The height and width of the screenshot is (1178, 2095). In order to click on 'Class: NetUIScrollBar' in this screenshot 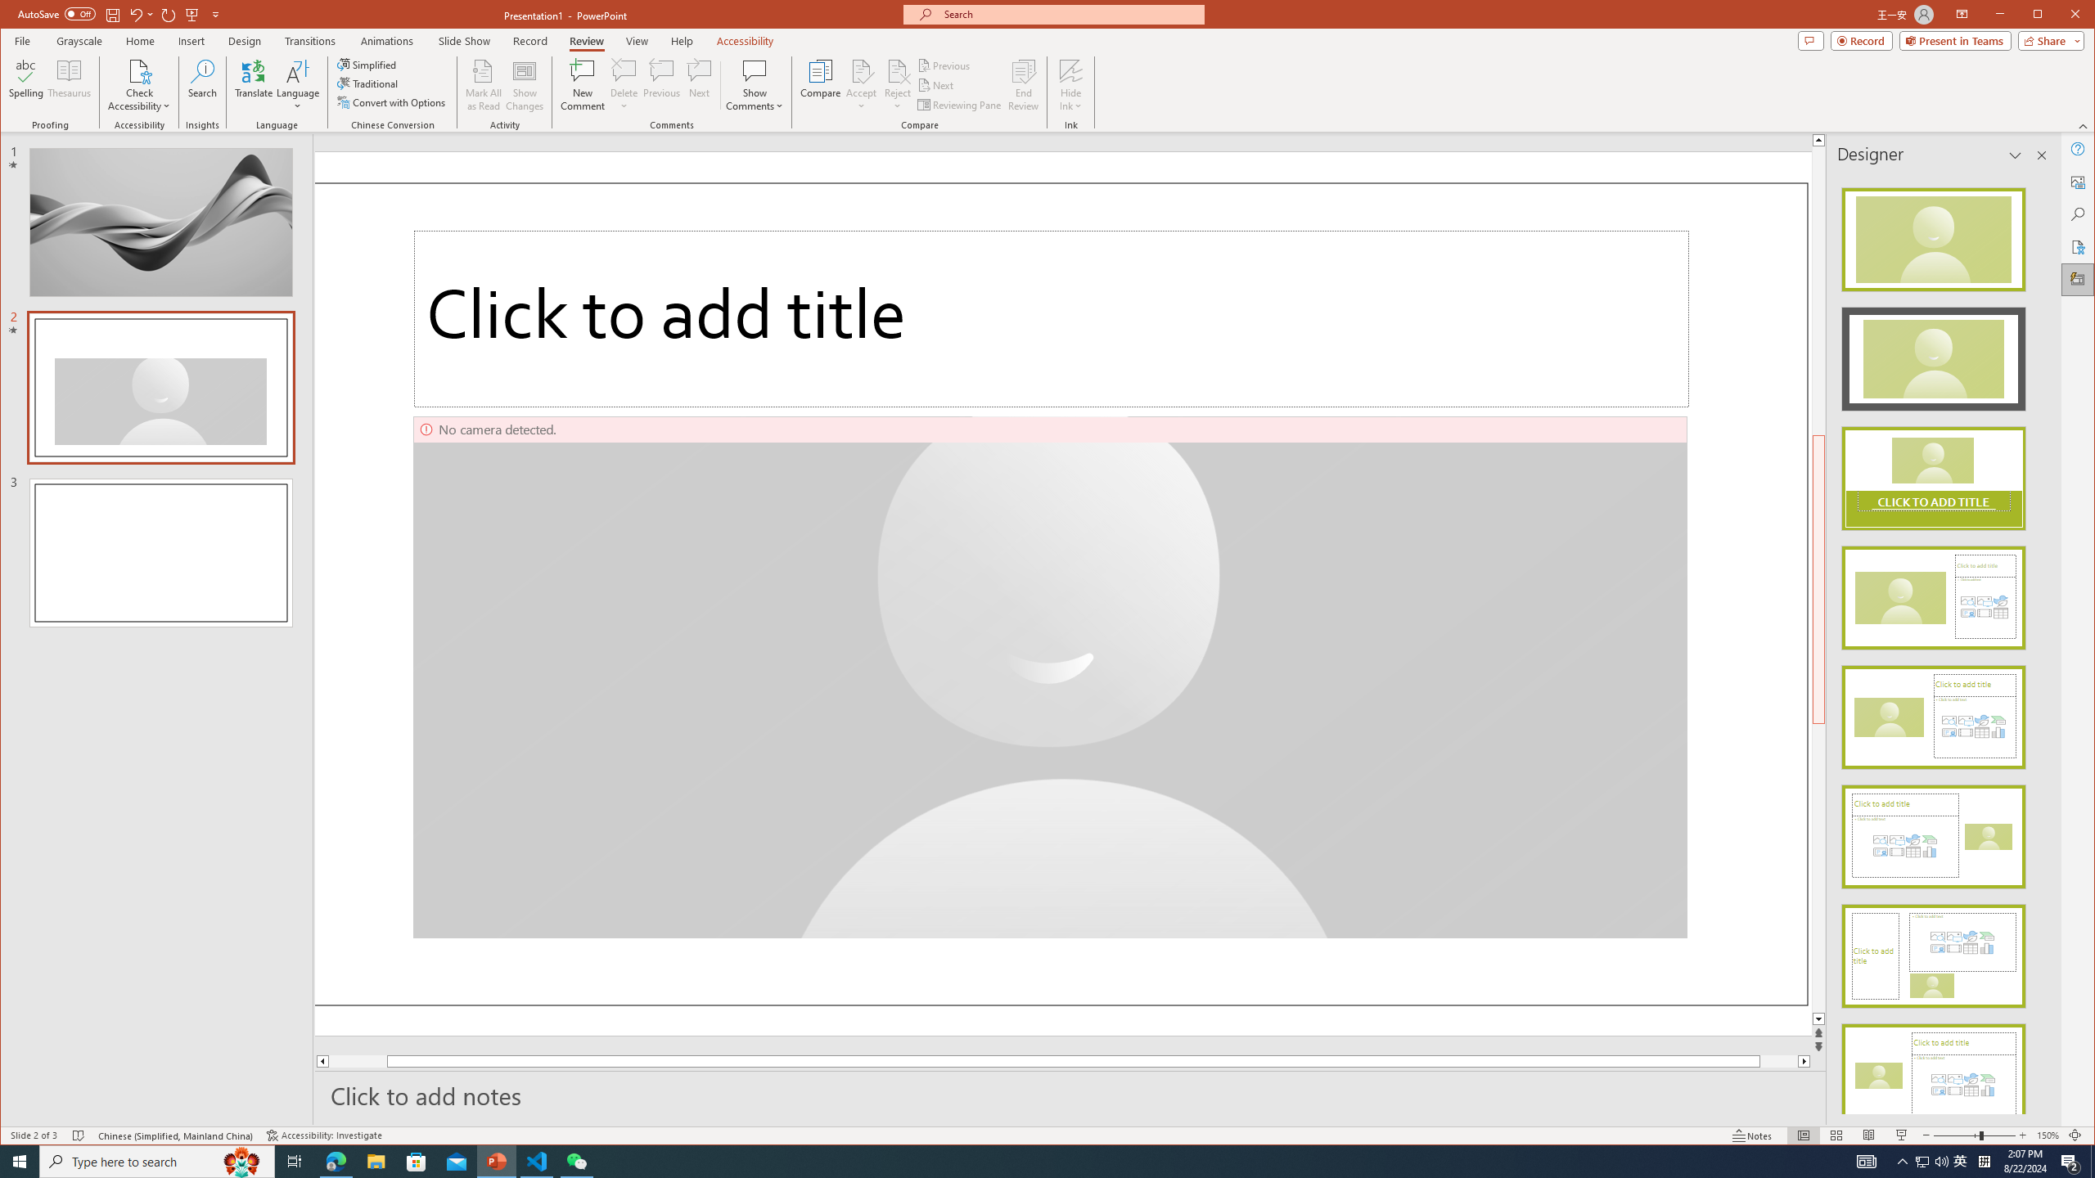, I will do `click(2039, 643)`.